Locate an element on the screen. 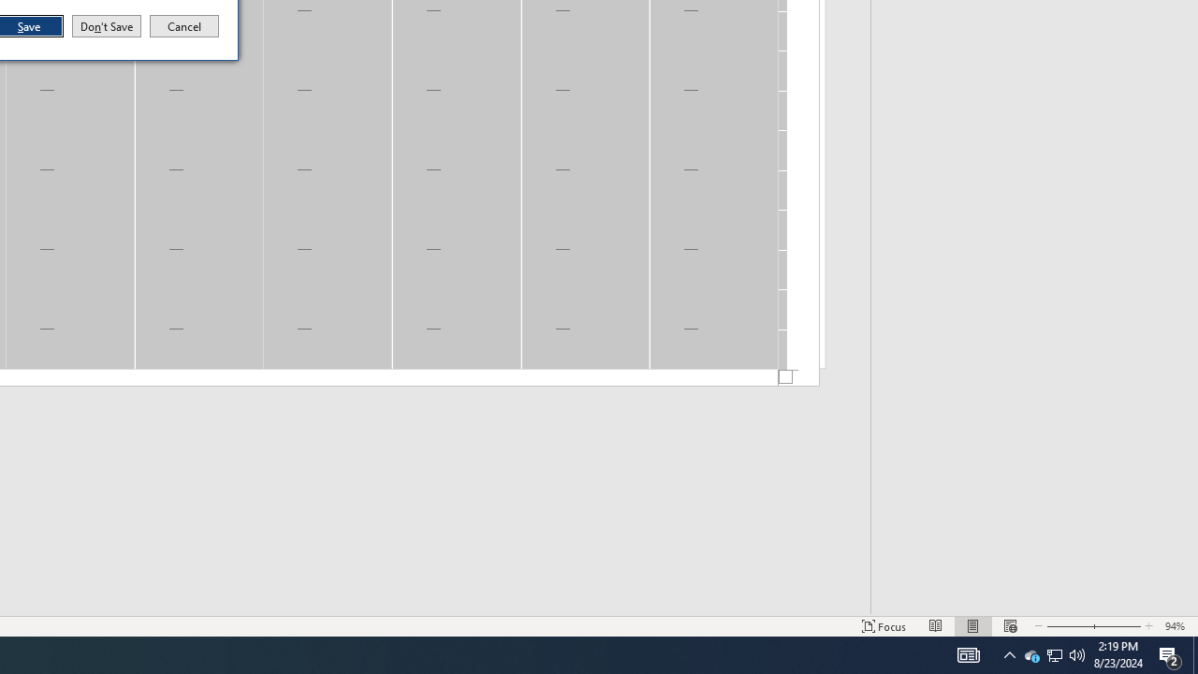 This screenshot has height=674, width=1198. 'Notification Chevron' is located at coordinates (1055, 653).